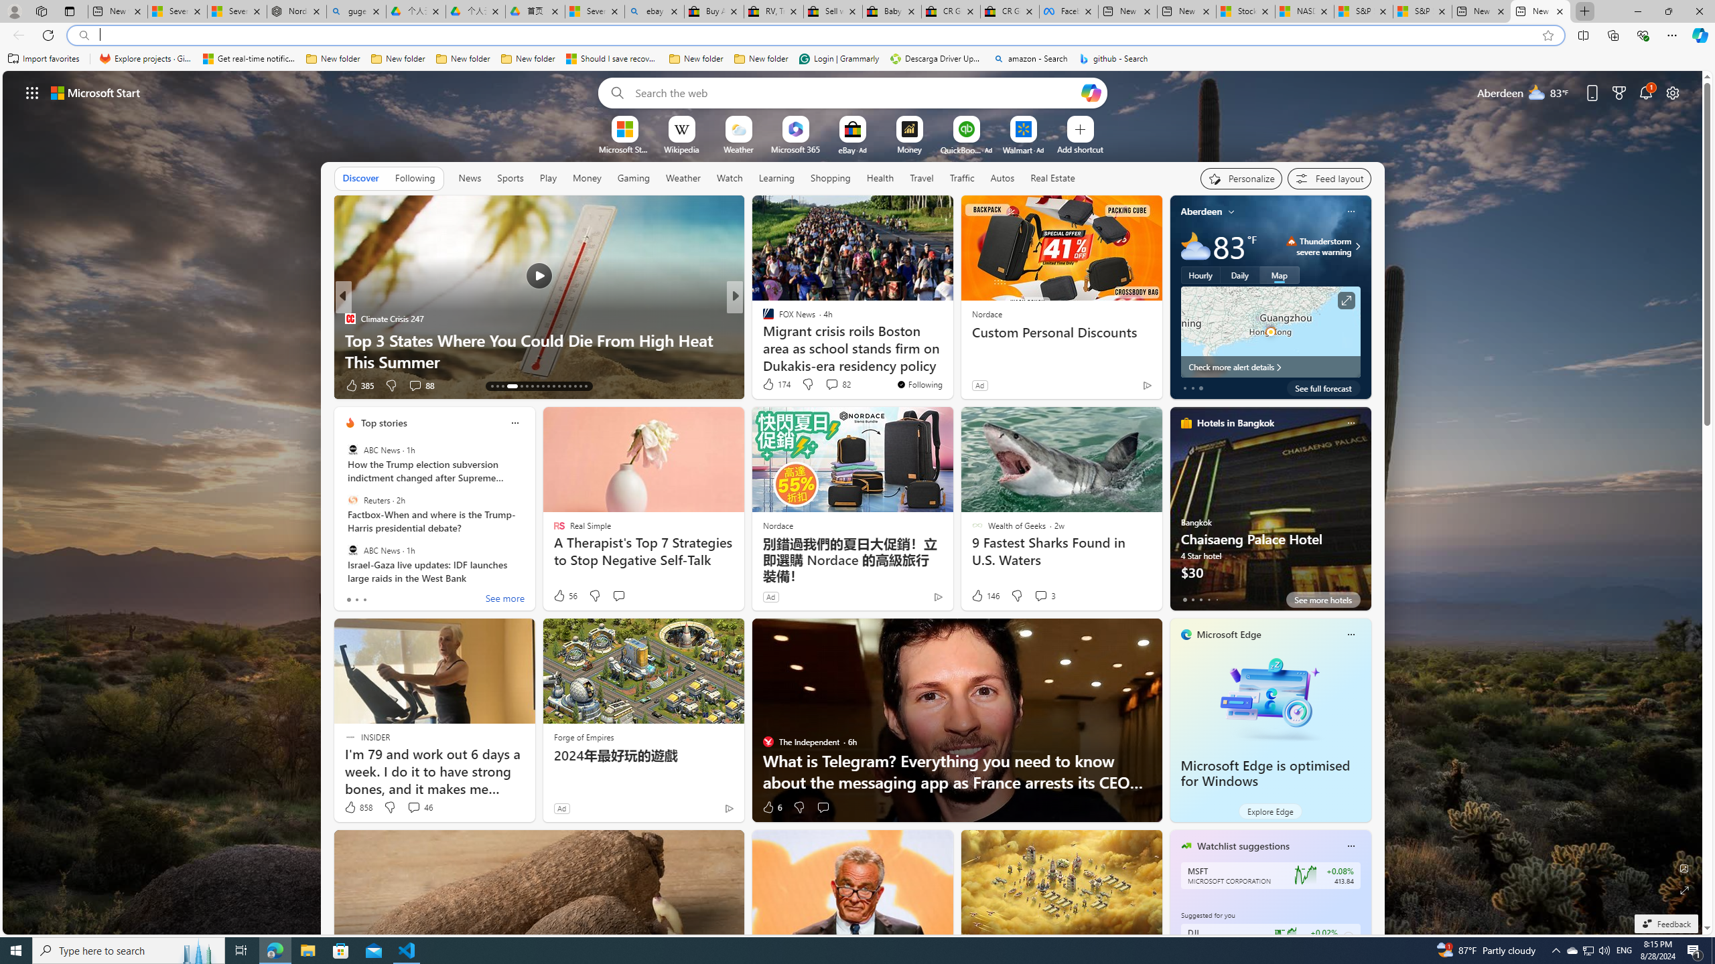  Describe the element at coordinates (771, 385) in the screenshot. I see `'311 Like'` at that location.